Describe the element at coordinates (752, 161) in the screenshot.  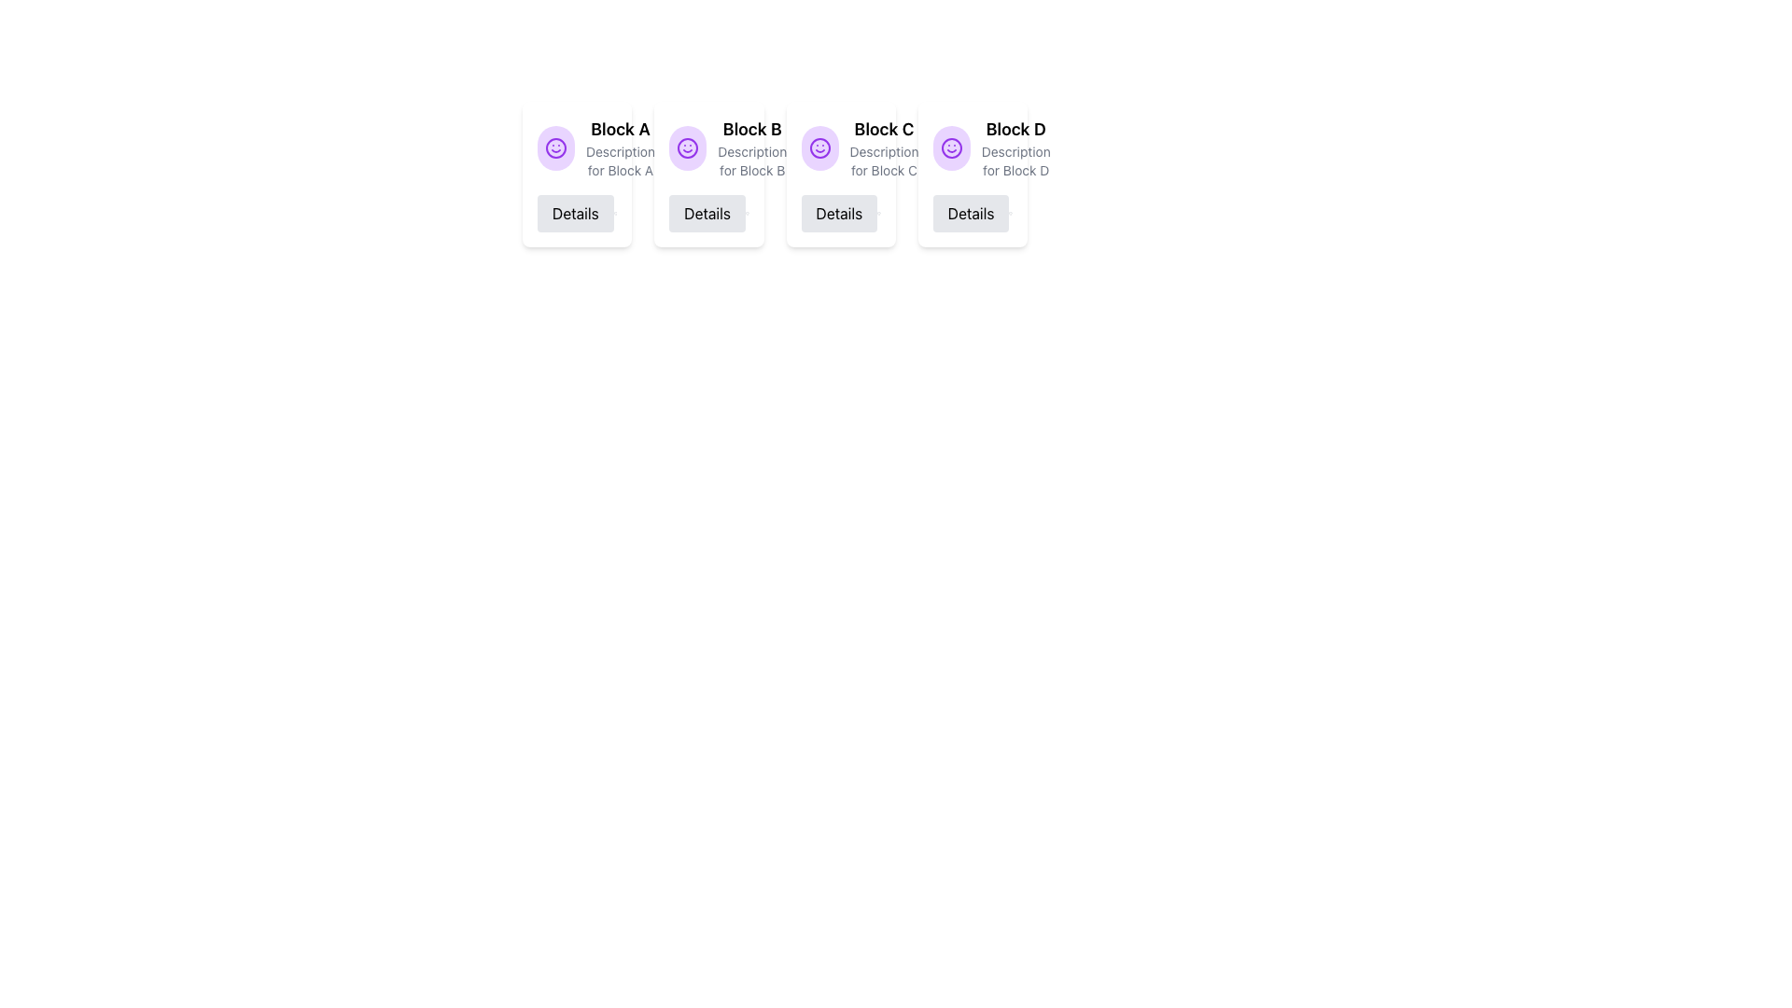
I see `the text element labeled 'Description for Block B', which is styled in a smaller gray font and positioned beneath the bold 'Block B' title` at that location.